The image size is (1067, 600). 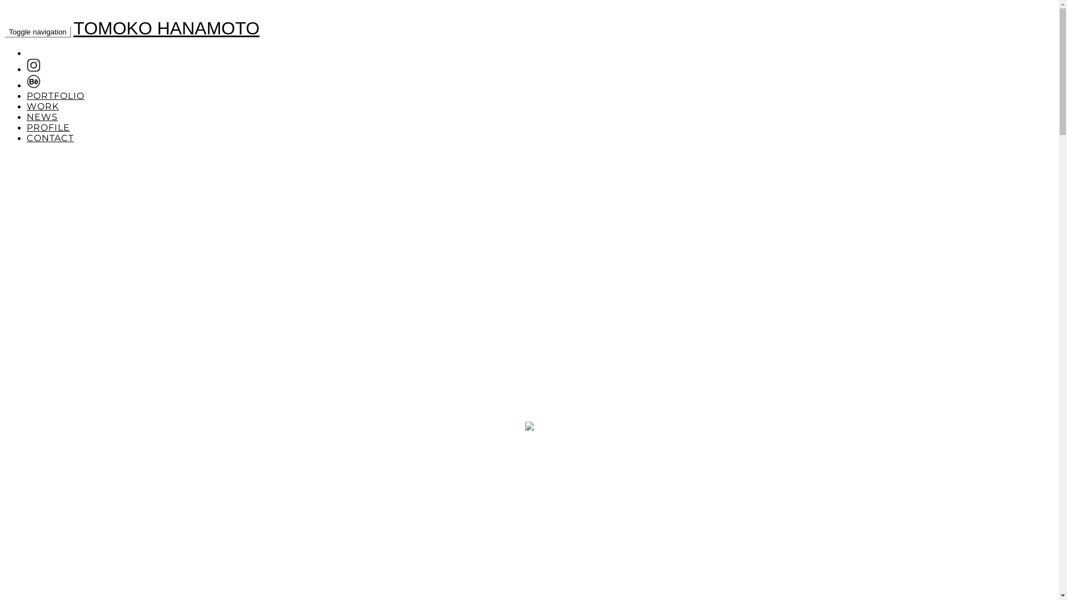 I want to click on 'PORTFOLIO', so click(x=55, y=95).